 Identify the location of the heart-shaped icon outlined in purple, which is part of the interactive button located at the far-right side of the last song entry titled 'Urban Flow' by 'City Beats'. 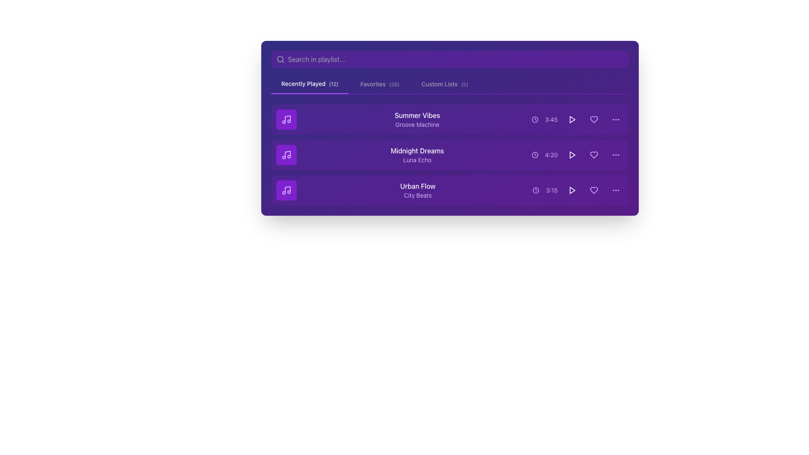
(593, 190).